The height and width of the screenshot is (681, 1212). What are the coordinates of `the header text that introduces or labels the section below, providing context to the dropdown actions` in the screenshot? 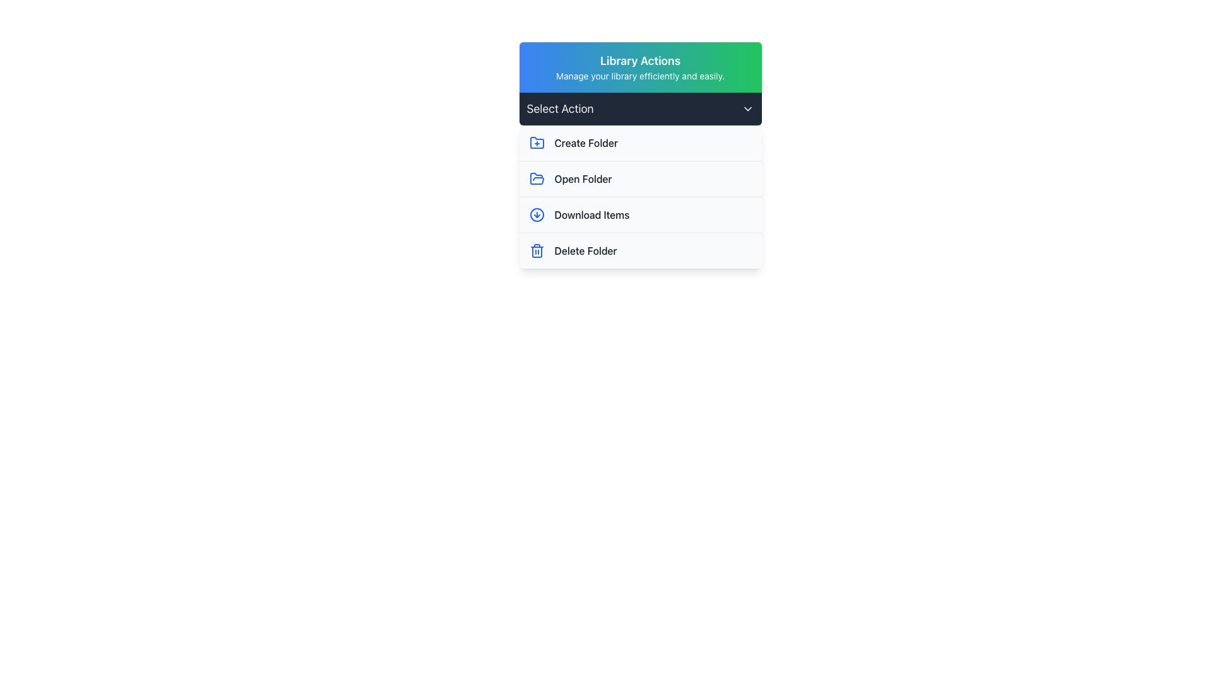 It's located at (640, 61).